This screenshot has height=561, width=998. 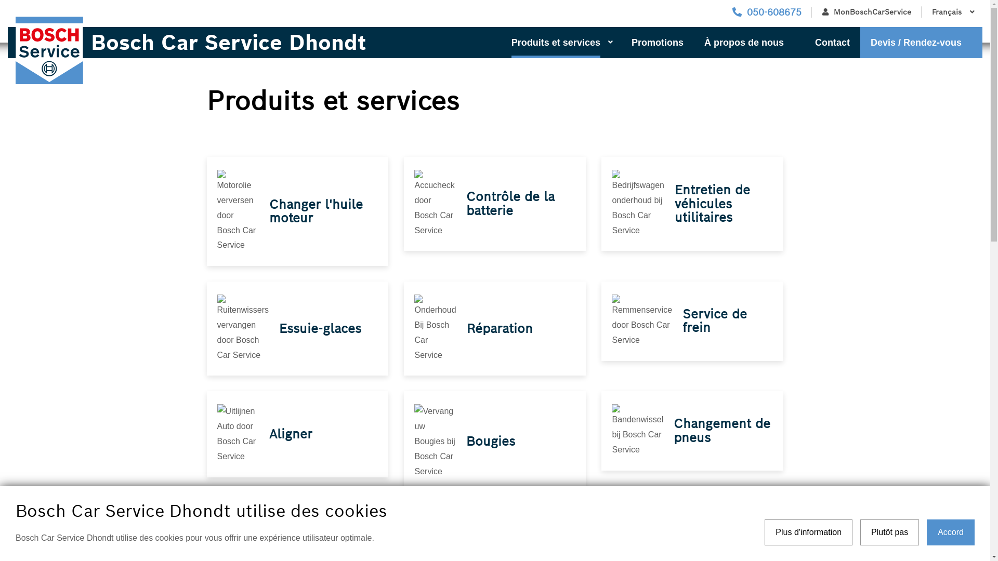 I want to click on 'MonBoschCarService', so click(x=866, y=12).